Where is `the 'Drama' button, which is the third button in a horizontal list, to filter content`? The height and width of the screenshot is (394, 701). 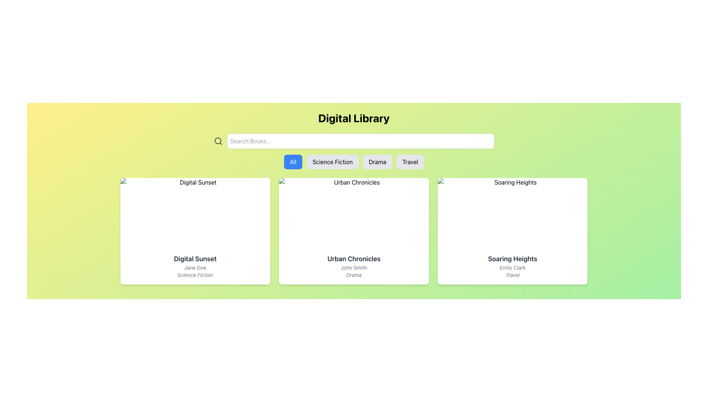 the 'Drama' button, which is the third button in a horizontal list, to filter content is located at coordinates (377, 161).